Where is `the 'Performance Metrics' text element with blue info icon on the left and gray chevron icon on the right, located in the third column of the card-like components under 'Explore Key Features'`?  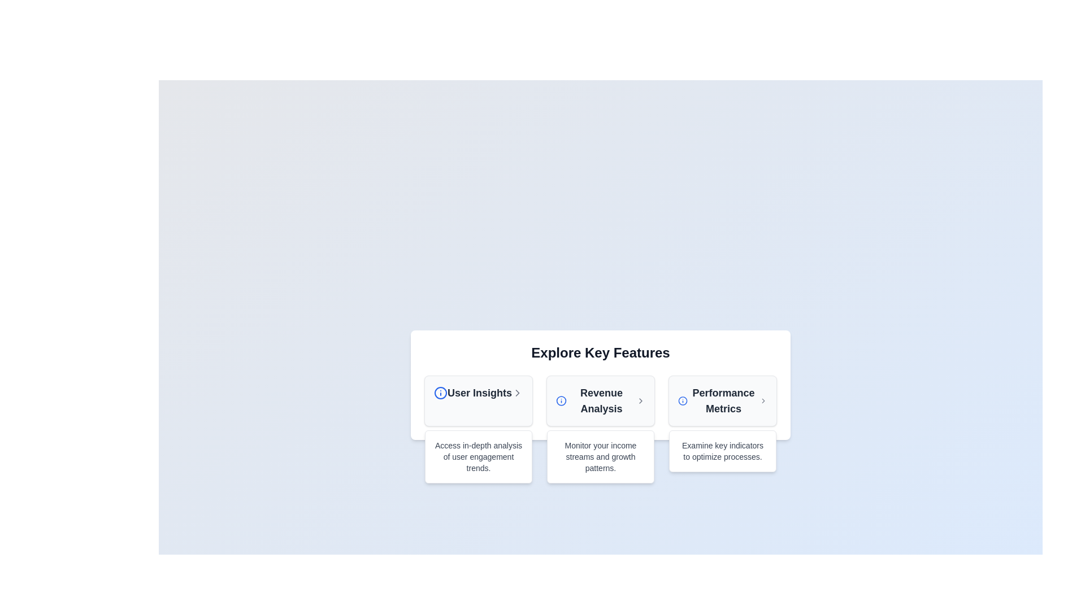 the 'Performance Metrics' text element with blue info icon on the left and gray chevron icon on the right, located in the third column of the card-like components under 'Explore Key Features' is located at coordinates (722, 400).